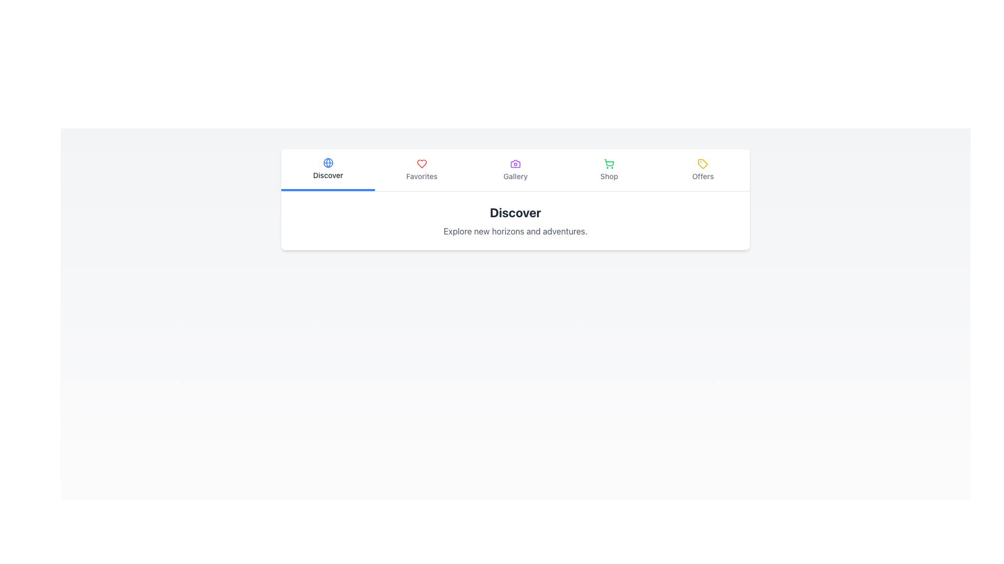 The width and height of the screenshot is (1004, 564). I want to click on the 'Shop' static text label located in the navigation bar, positioned beneath the shopping cart icon, so click(609, 176).